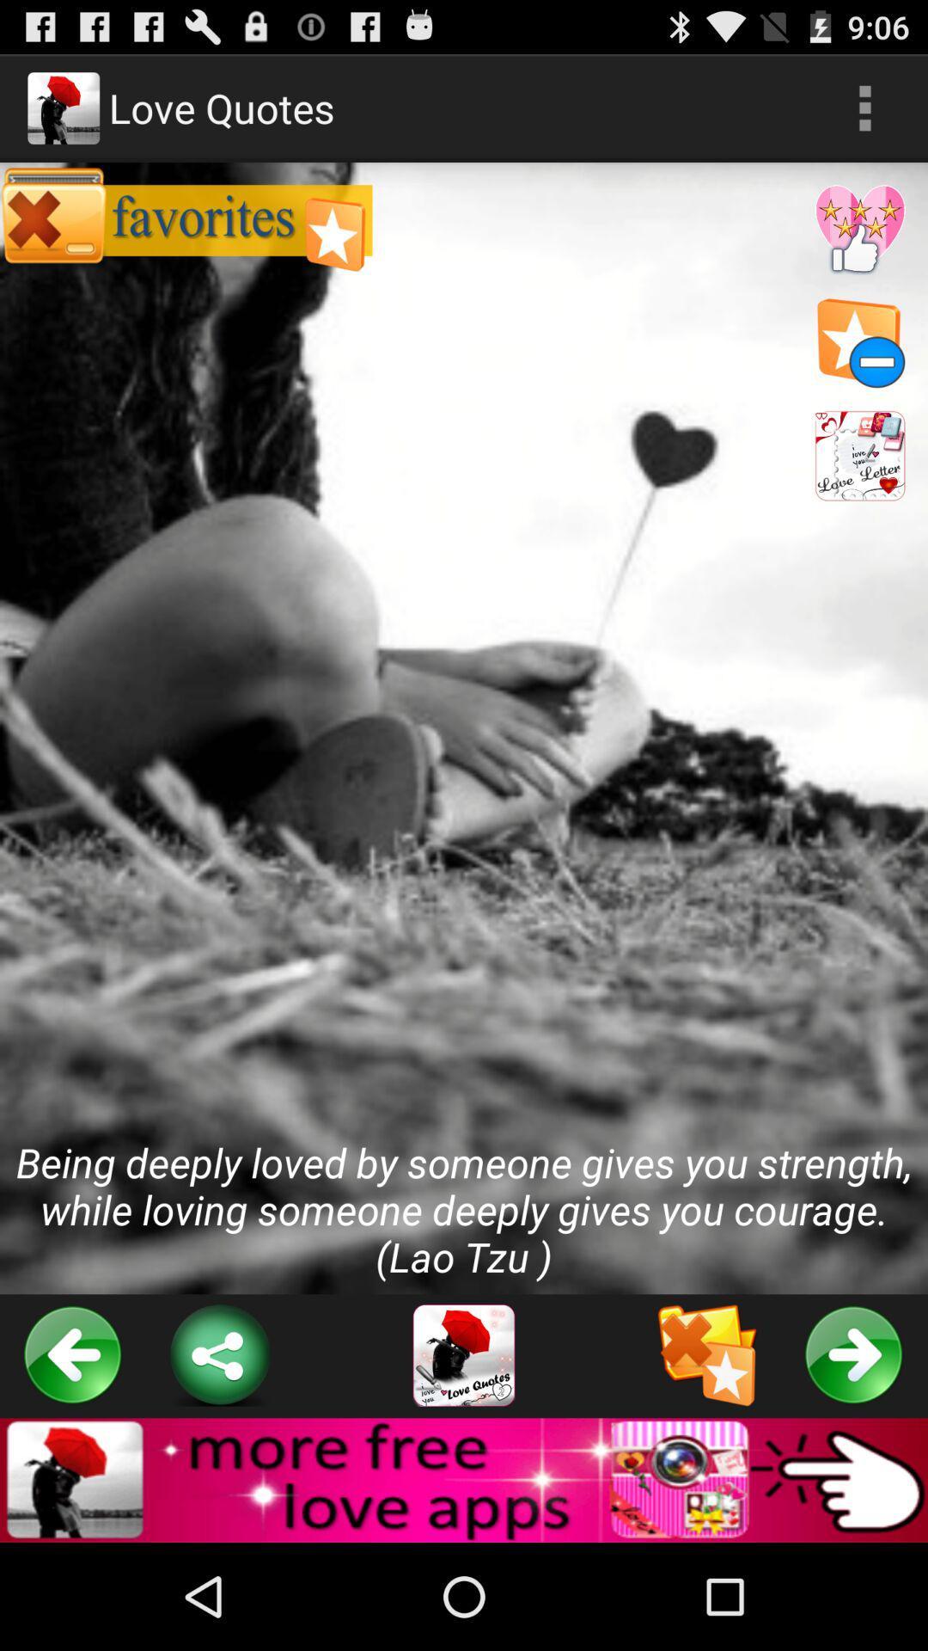 This screenshot has height=1651, width=928. I want to click on icon below being deeply loved icon, so click(72, 1354).